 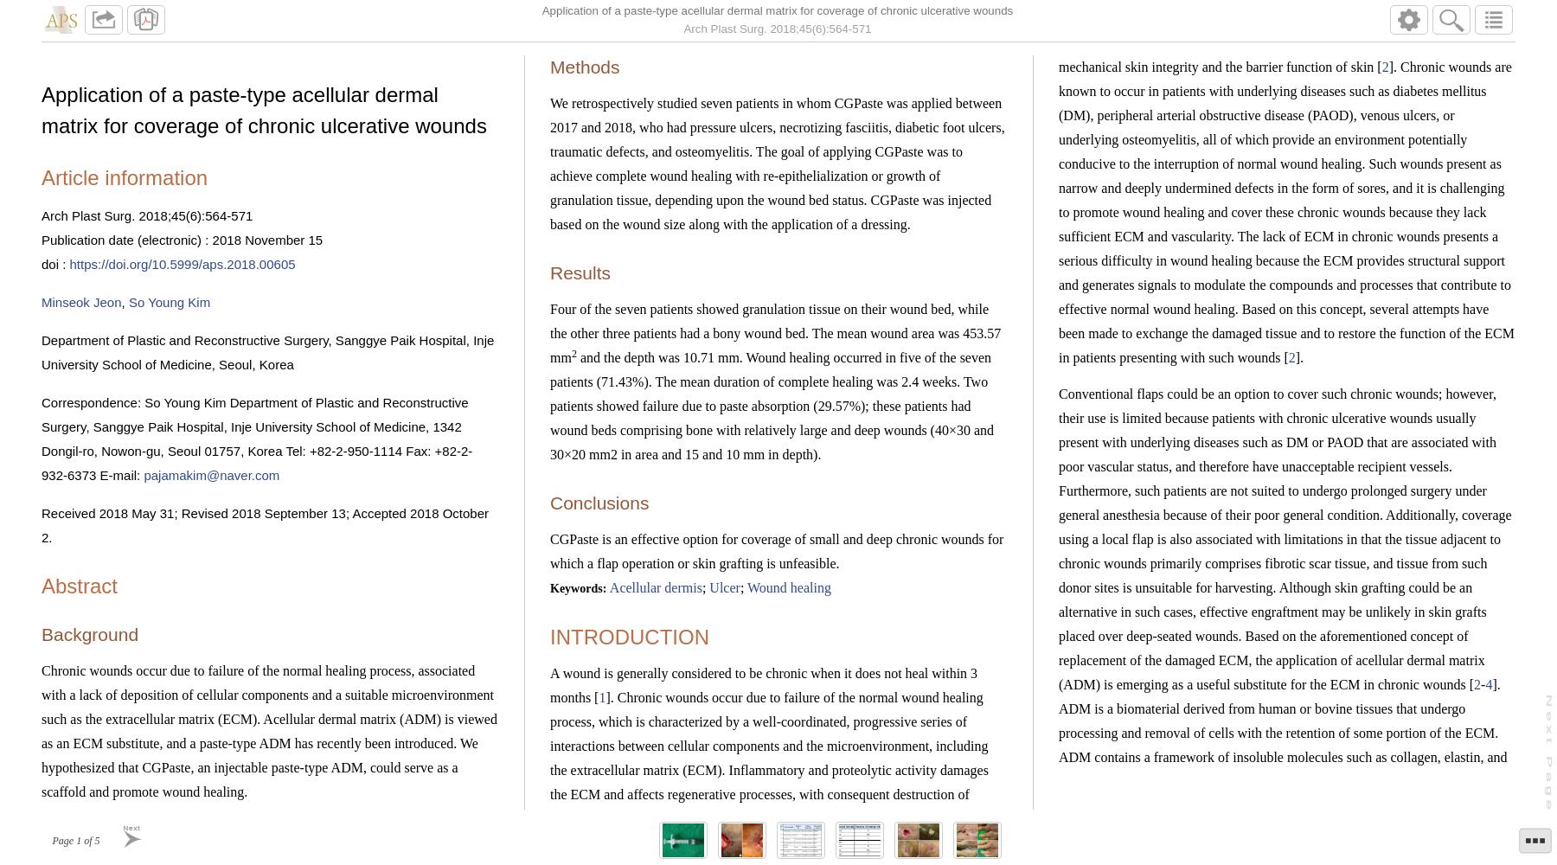 What do you see at coordinates (580, 271) in the screenshot?
I see `'Results'` at bounding box center [580, 271].